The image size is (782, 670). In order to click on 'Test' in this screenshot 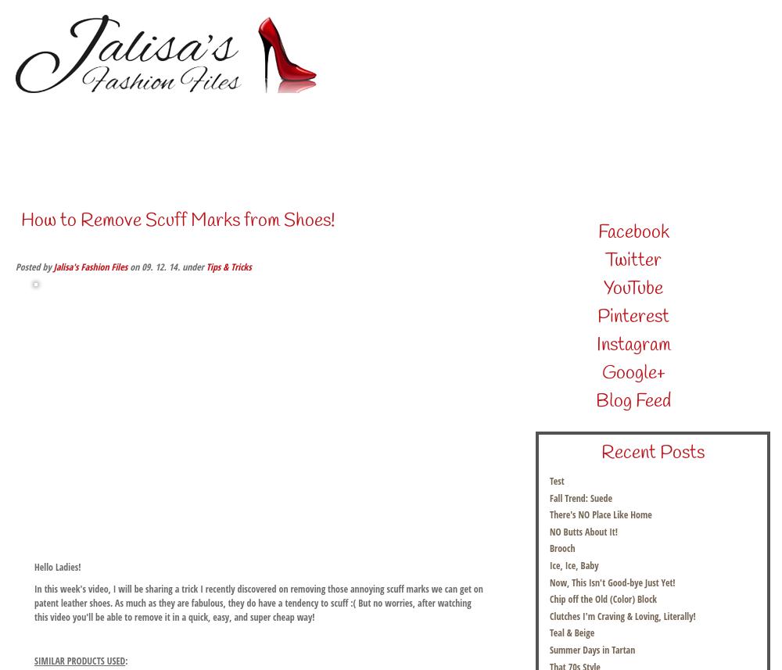, I will do `click(549, 480)`.